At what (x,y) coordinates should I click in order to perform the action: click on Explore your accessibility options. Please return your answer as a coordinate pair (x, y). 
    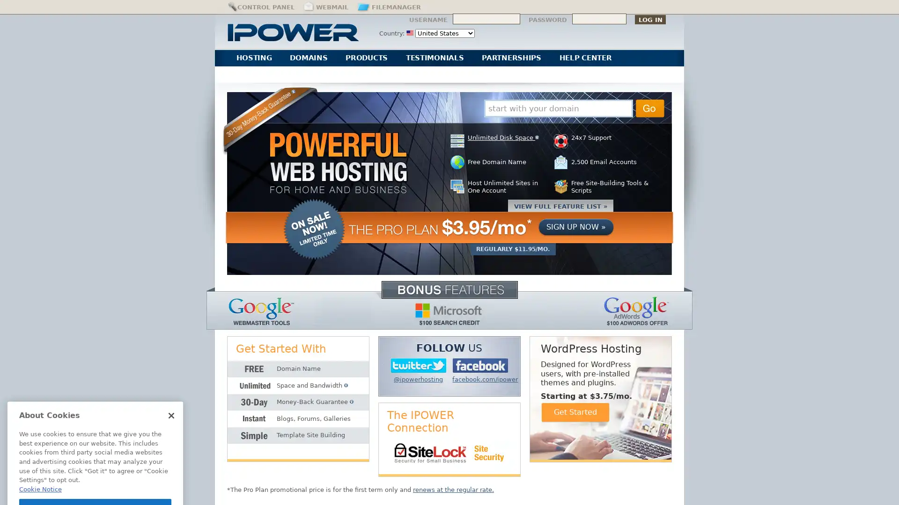
    Looking at the image, I should click on (883, 457).